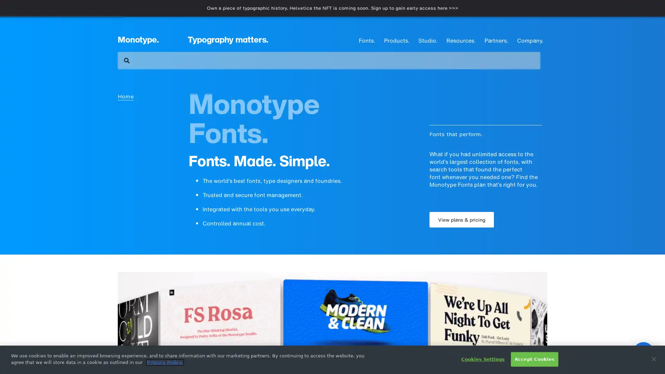 The height and width of the screenshot is (374, 665). Describe the element at coordinates (643, 353) in the screenshot. I see `Open Intercom Messenger` at that location.